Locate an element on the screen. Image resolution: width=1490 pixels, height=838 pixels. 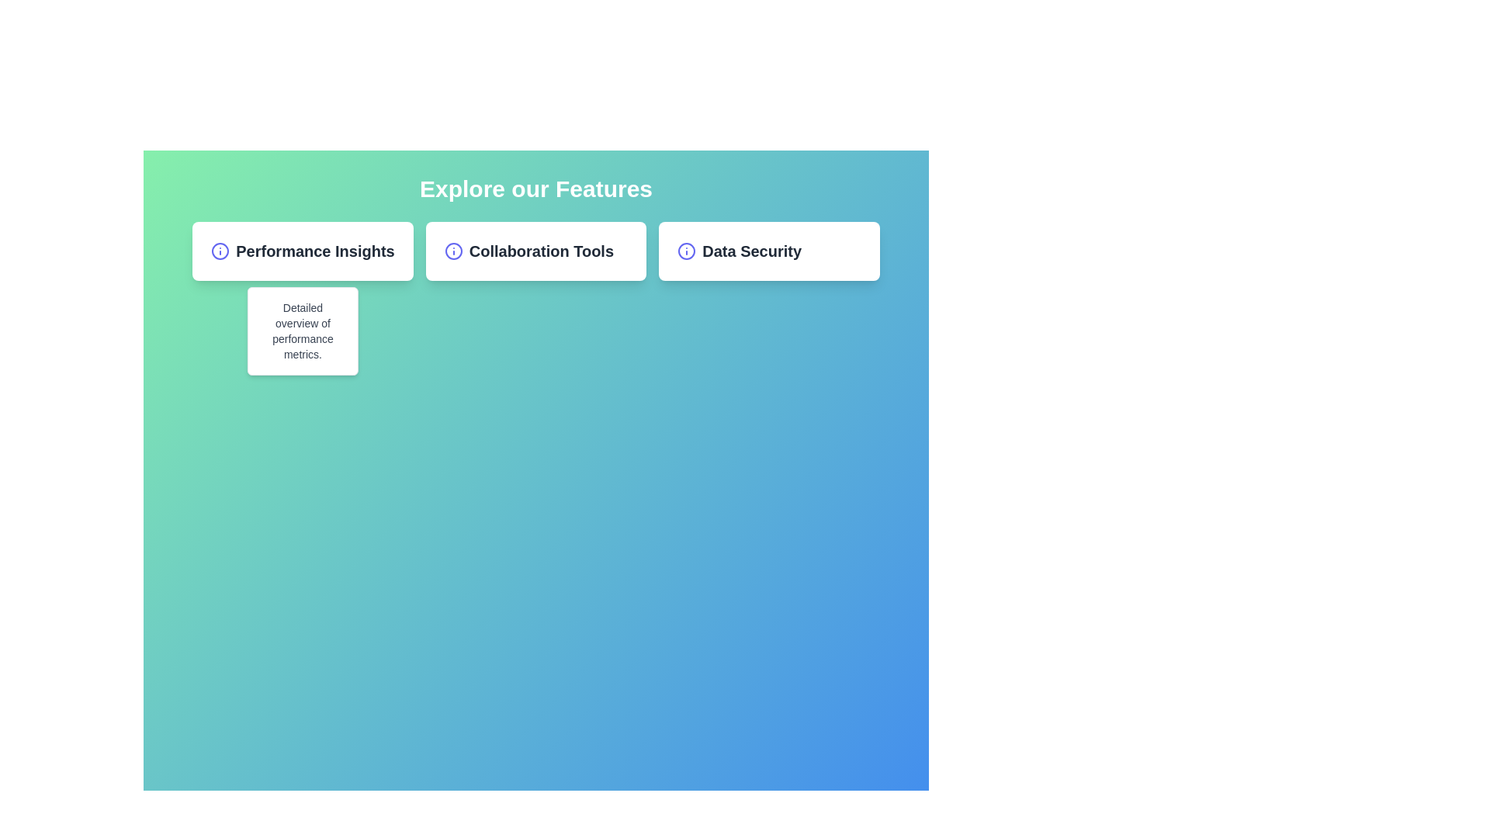
the 'Performance Insights' title in the Informative Card is located at coordinates (303, 251).